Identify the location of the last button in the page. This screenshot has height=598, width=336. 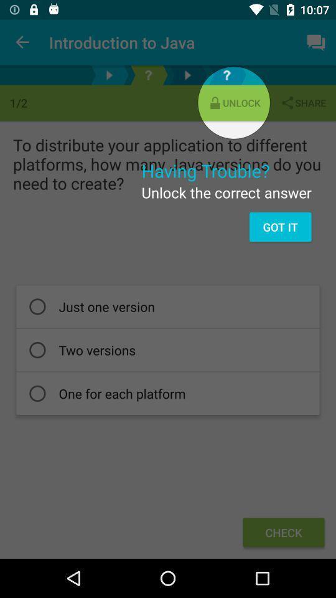
(284, 532).